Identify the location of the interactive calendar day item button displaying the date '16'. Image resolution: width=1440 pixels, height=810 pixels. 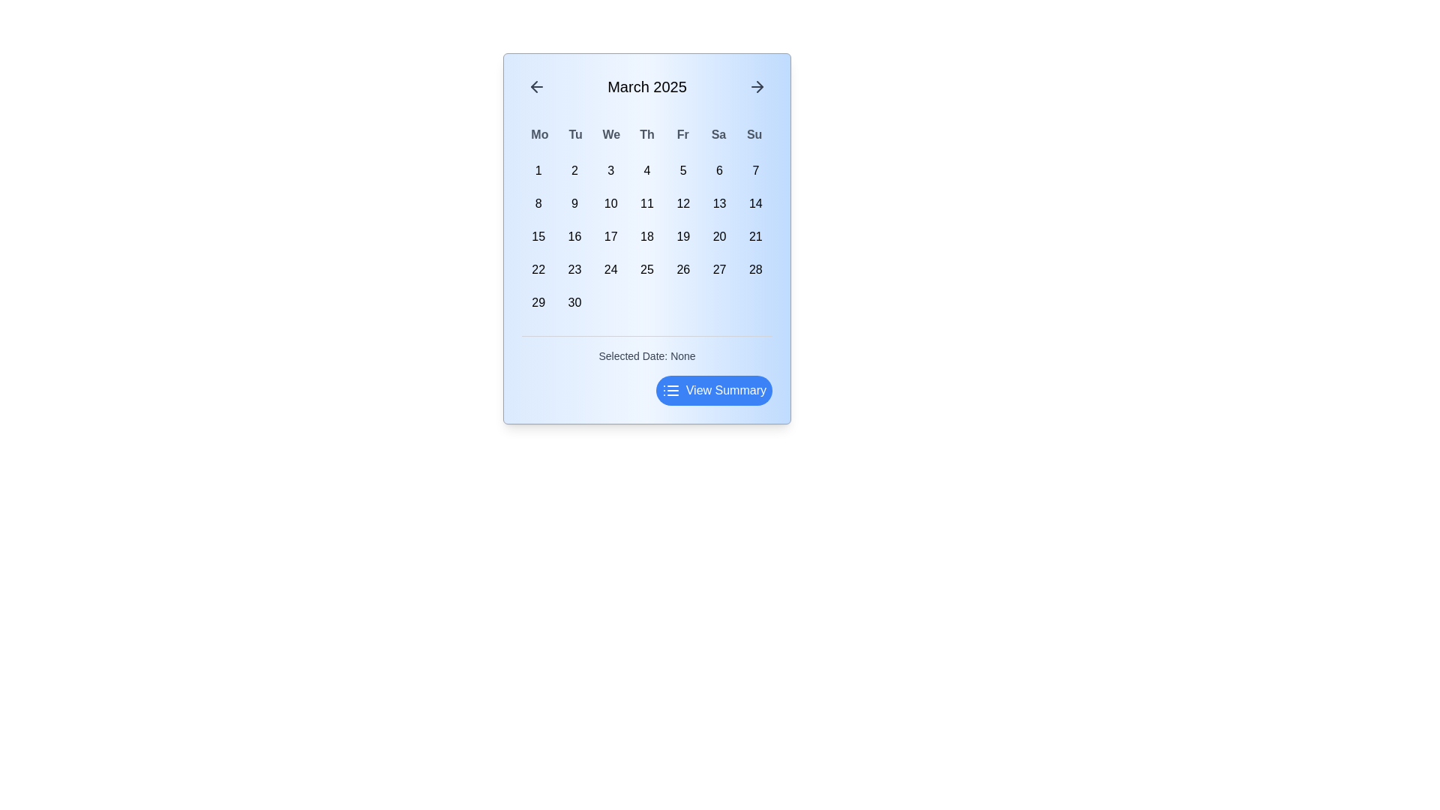
(574, 236).